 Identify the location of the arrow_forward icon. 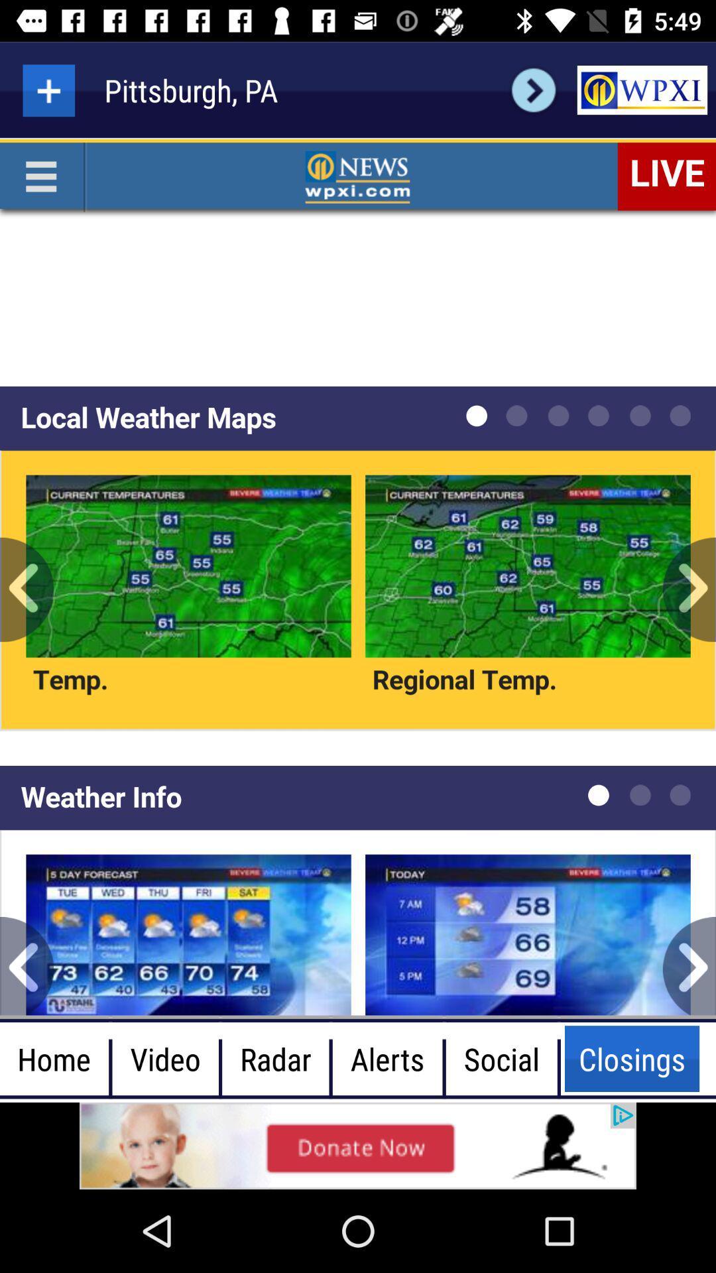
(533, 90).